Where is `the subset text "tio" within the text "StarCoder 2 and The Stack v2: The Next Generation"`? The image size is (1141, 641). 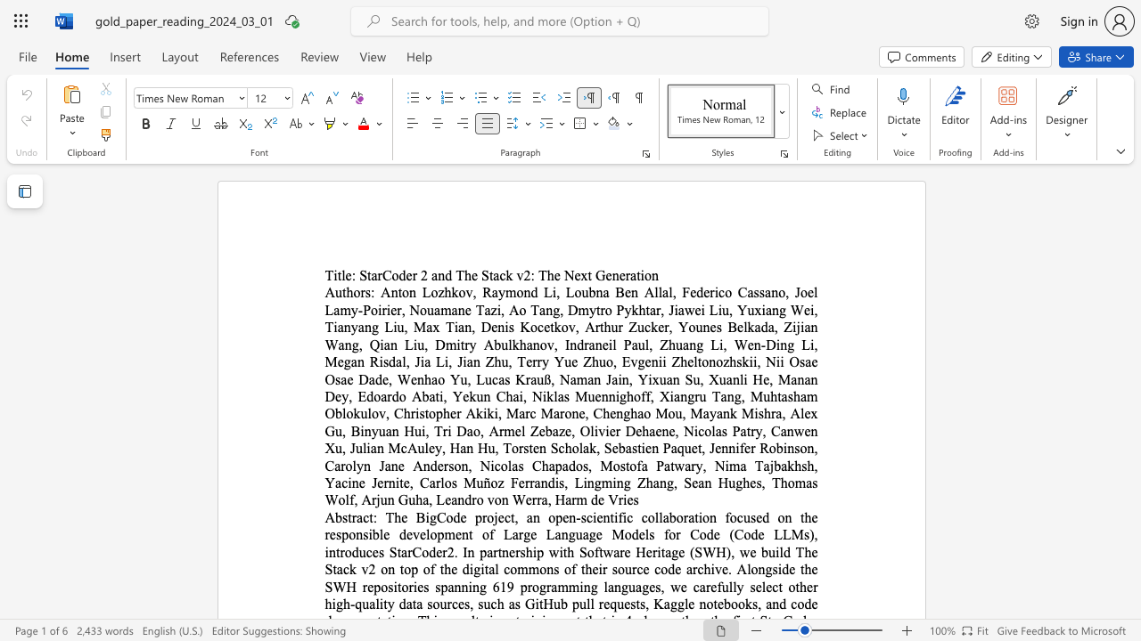 the subset text "tio" within the text "StarCoder 2 and The Stack v2: The Next Generation" is located at coordinates (636, 275).